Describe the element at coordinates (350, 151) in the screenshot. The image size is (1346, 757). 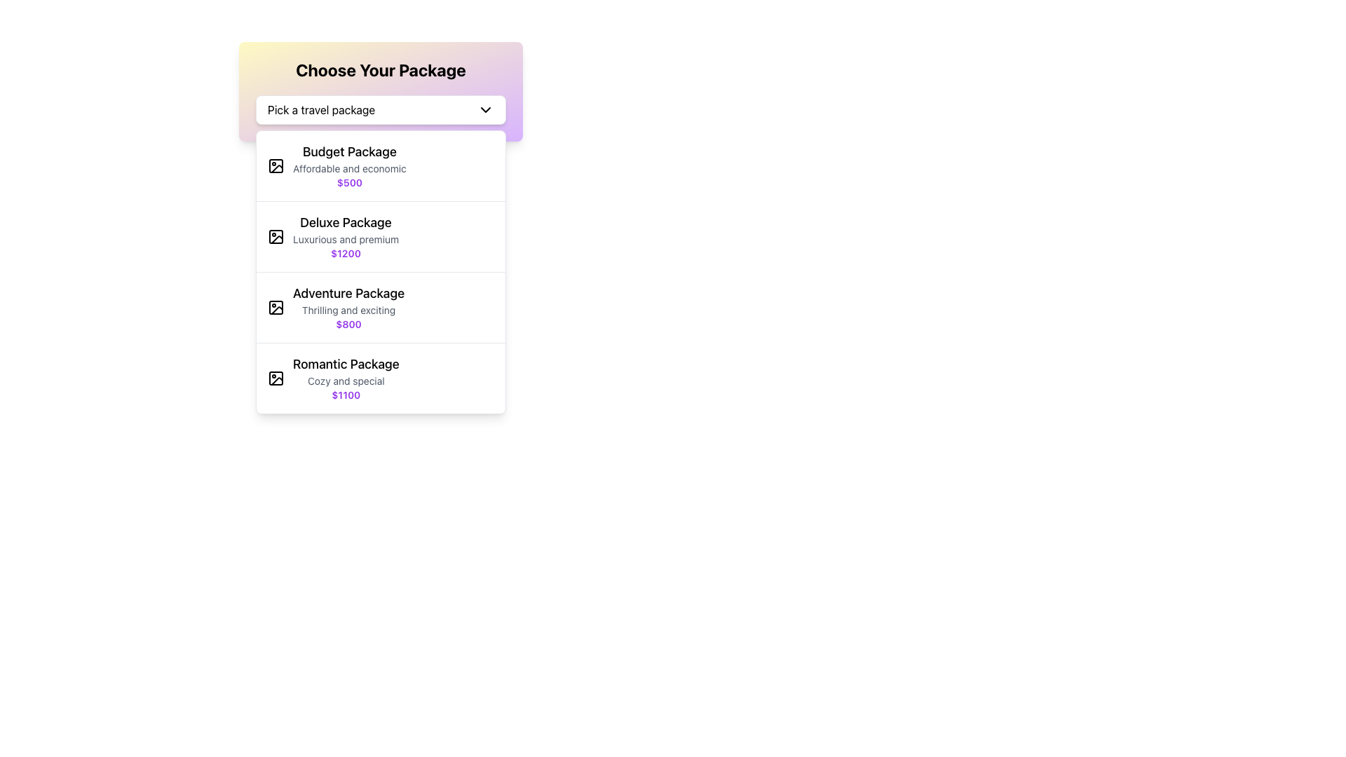
I see `the title of the first package option in the dropdown list under 'Choose Your Package'` at that location.